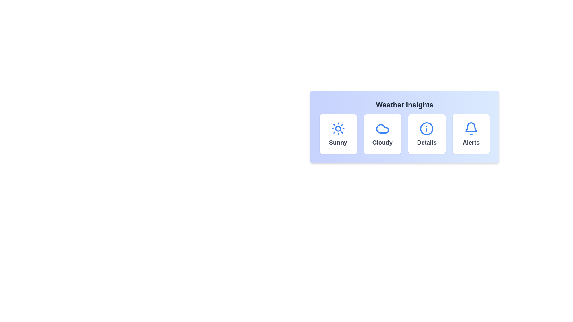  I want to click on the blue bell icon located within the white rounded rectangle card labeled 'Alerts', which is the fourth card in a horizontal row of four cards in the 'Weather Insights' section, so click(471, 129).